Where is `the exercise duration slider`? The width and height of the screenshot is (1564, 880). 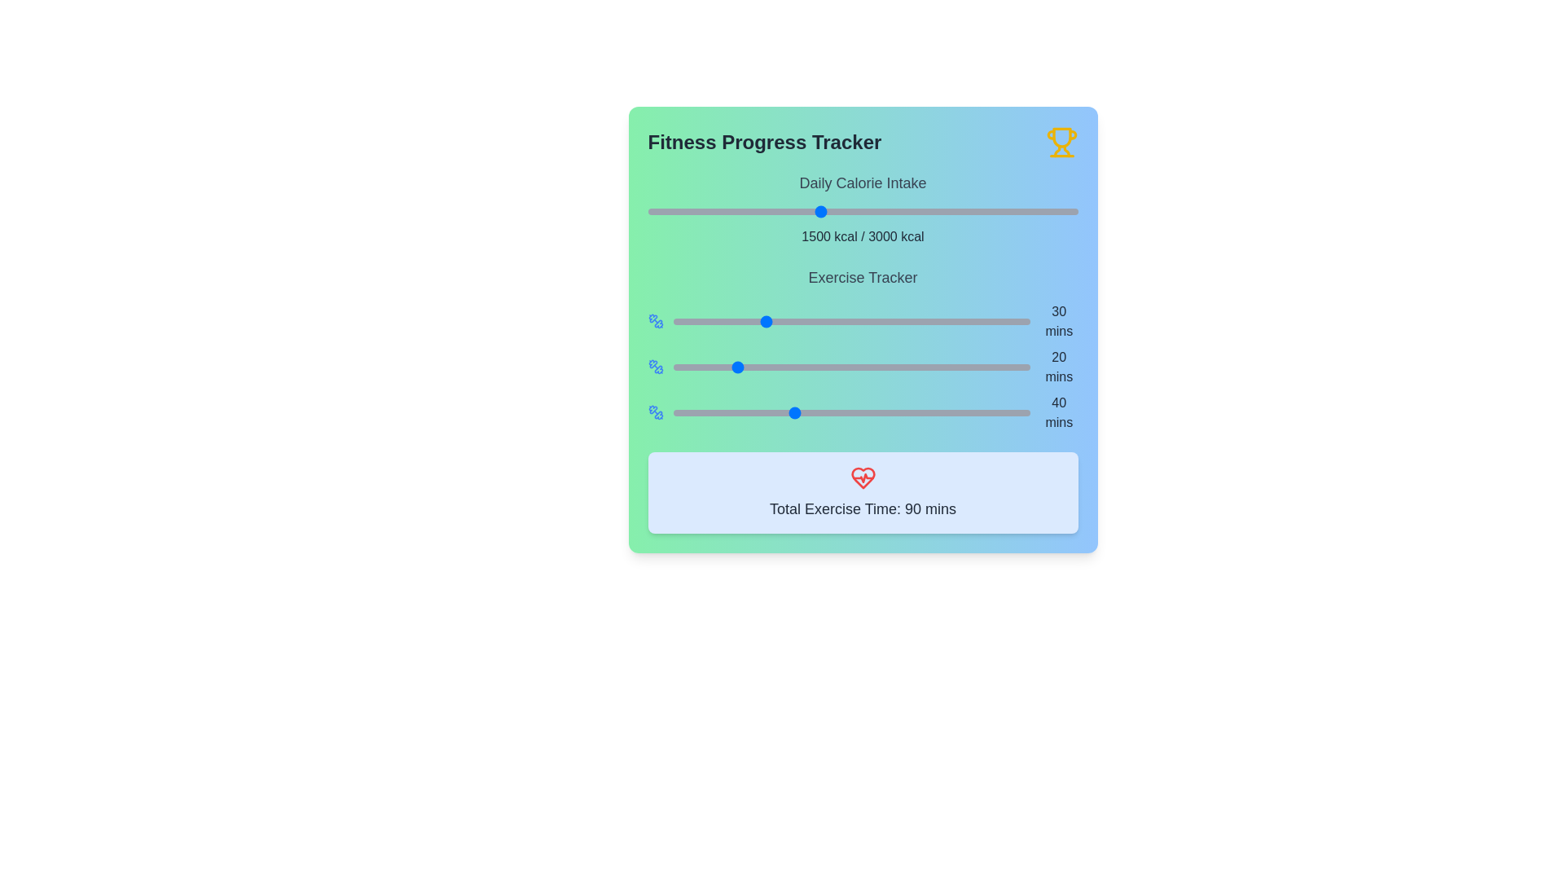 the exercise duration slider is located at coordinates (825, 367).